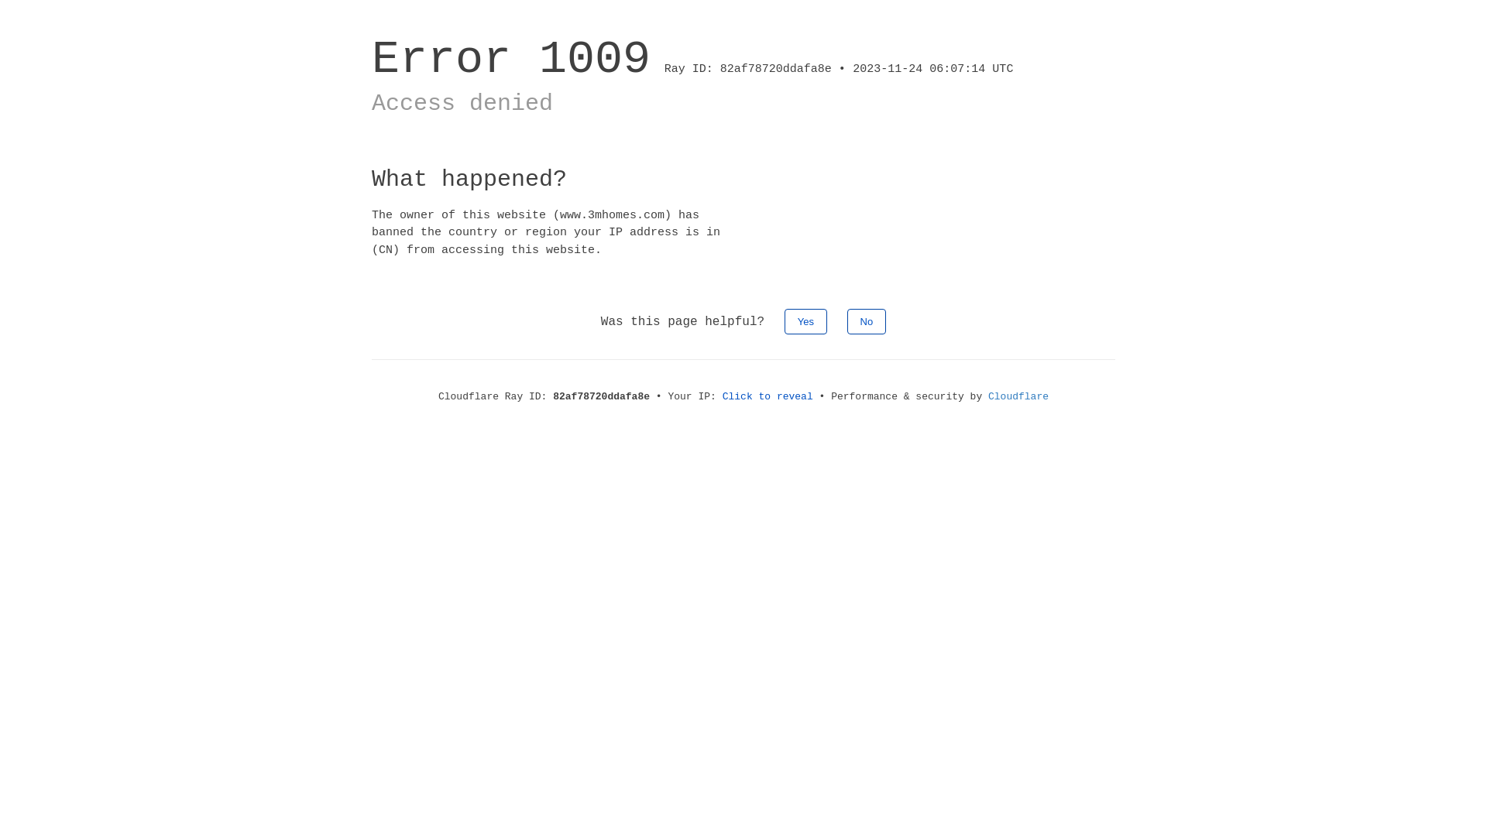 This screenshot has height=836, width=1487. Describe the element at coordinates (866, 320) in the screenshot. I see `'No'` at that location.